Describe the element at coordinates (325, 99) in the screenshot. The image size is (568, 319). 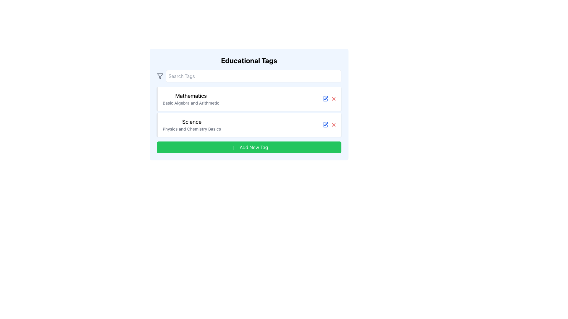
I see `the edit button for the 'Mathematics' tag` at that location.